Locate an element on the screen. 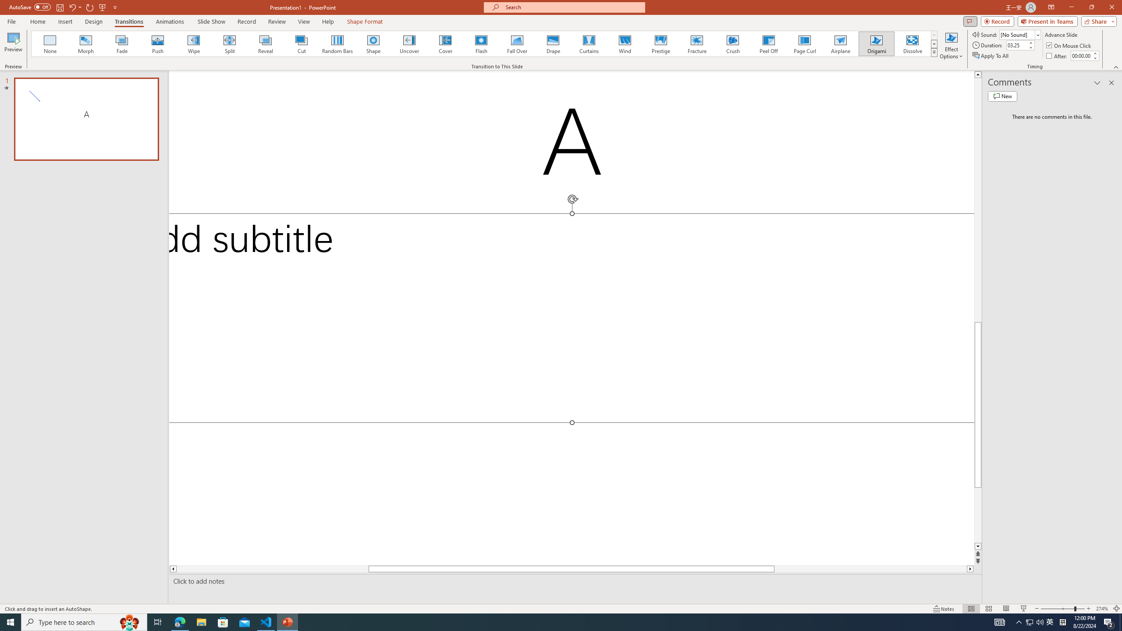 The image size is (1122, 631). 'Page Curl' is located at coordinates (804, 43).